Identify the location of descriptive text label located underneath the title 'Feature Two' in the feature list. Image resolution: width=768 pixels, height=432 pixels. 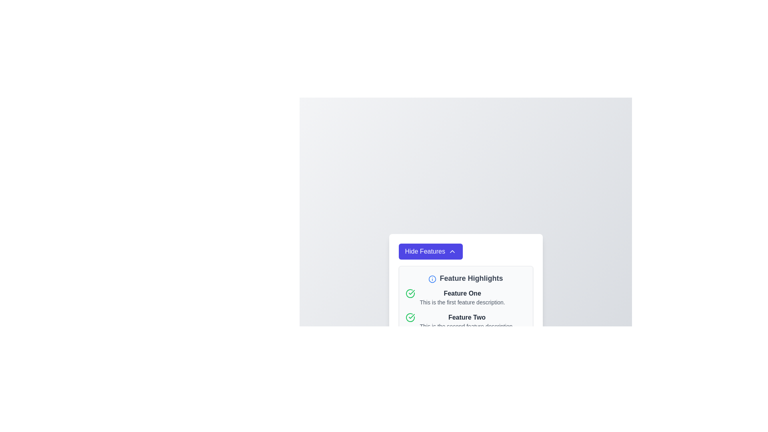
(467, 326).